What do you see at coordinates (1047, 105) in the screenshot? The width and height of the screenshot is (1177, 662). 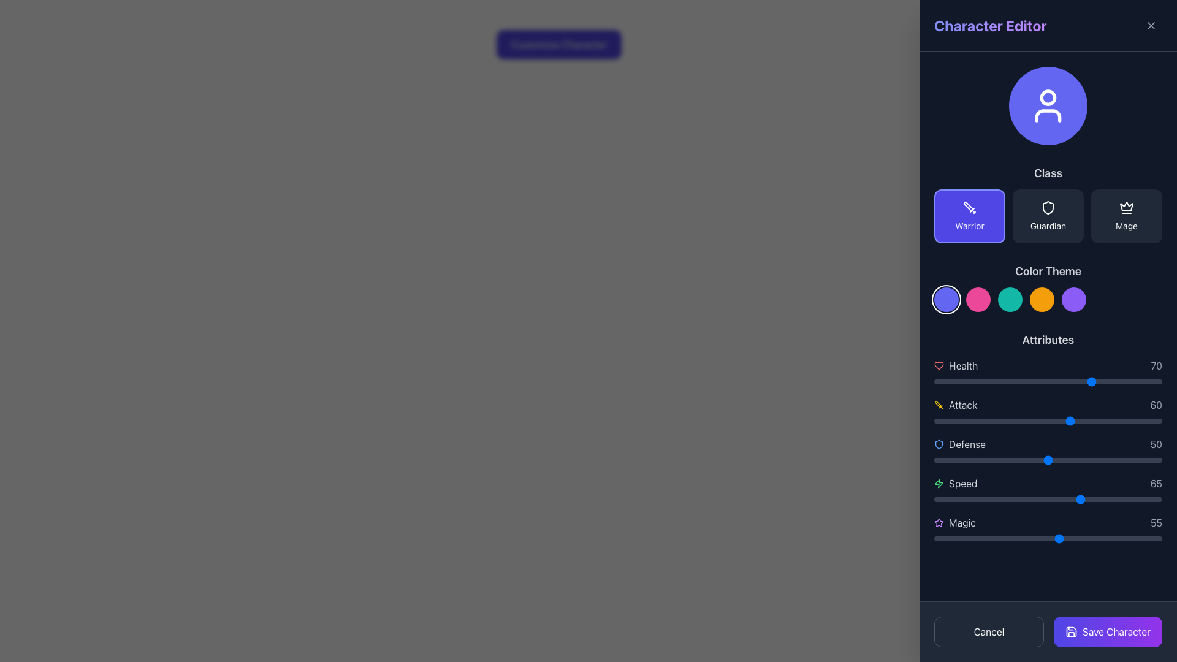 I see `the profile image icon, which is centered within a purple circular background in the 'Character Editor' sidebar panel` at bounding box center [1047, 105].